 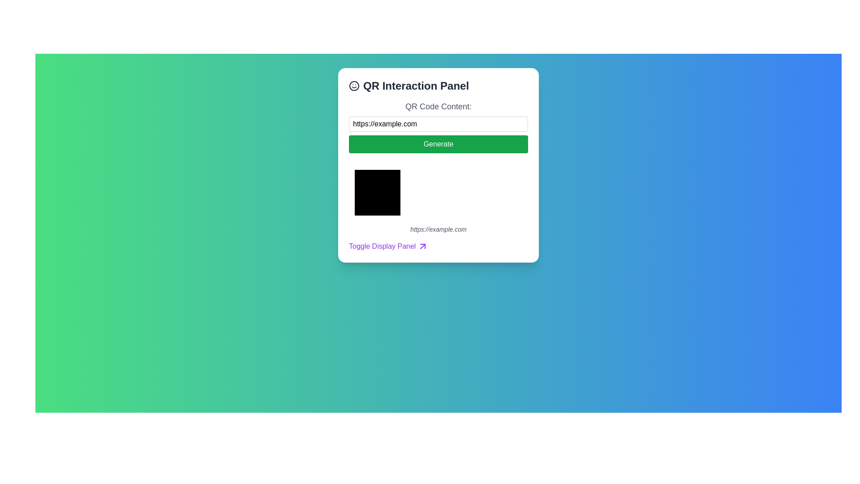 I want to click on the diagonal line element of the arrow-up-right icon, which is part of the SVG representation indicating navigation or a new action, so click(x=422, y=246).